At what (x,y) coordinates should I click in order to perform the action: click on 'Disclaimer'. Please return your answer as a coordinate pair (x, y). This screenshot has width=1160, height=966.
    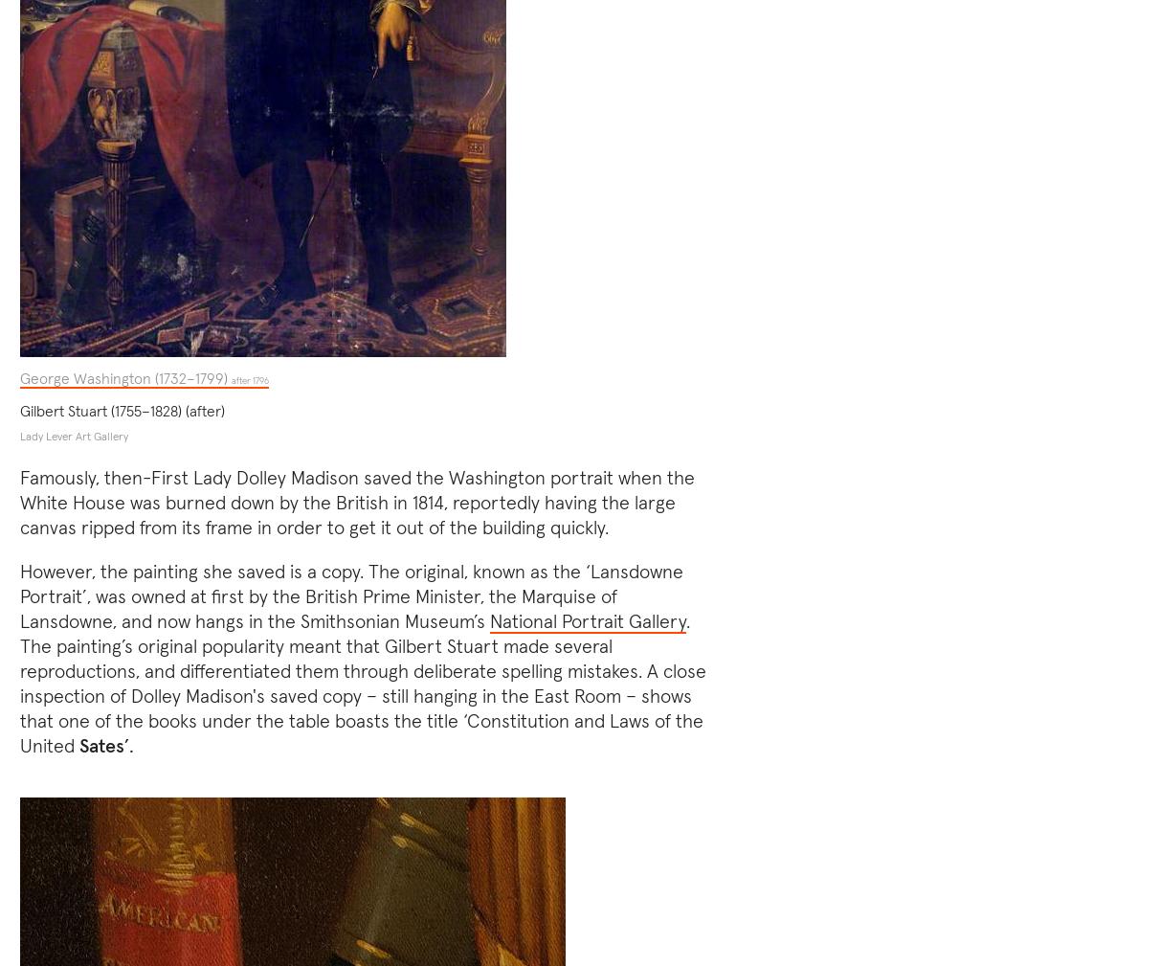
    Looking at the image, I should click on (977, 868).